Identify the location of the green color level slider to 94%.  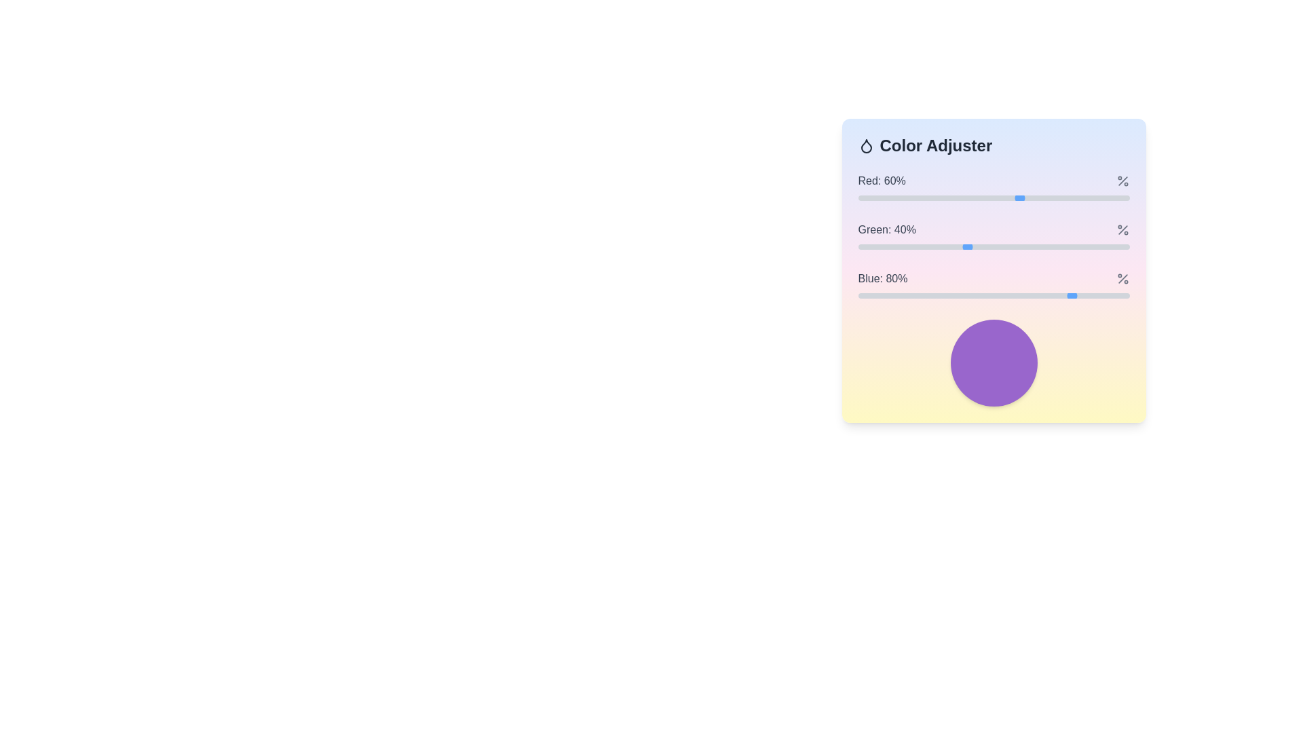
(1113, 246).